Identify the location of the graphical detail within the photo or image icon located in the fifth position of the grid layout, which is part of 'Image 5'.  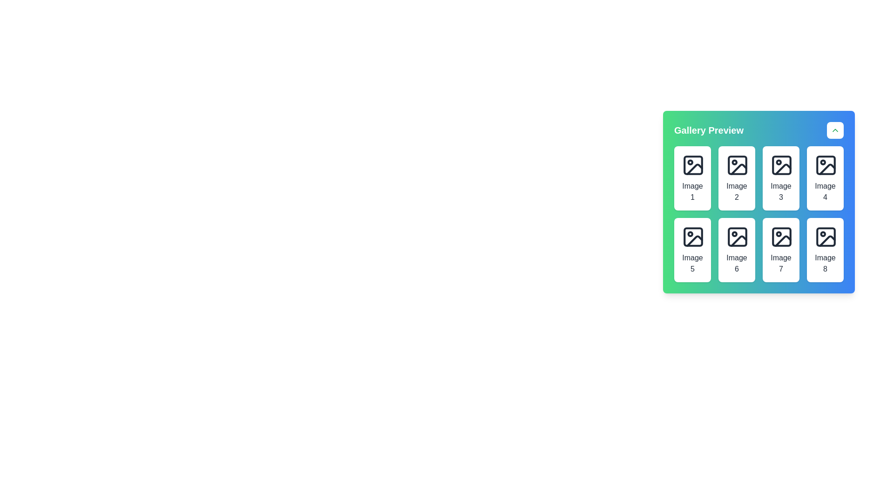
(693, 237).